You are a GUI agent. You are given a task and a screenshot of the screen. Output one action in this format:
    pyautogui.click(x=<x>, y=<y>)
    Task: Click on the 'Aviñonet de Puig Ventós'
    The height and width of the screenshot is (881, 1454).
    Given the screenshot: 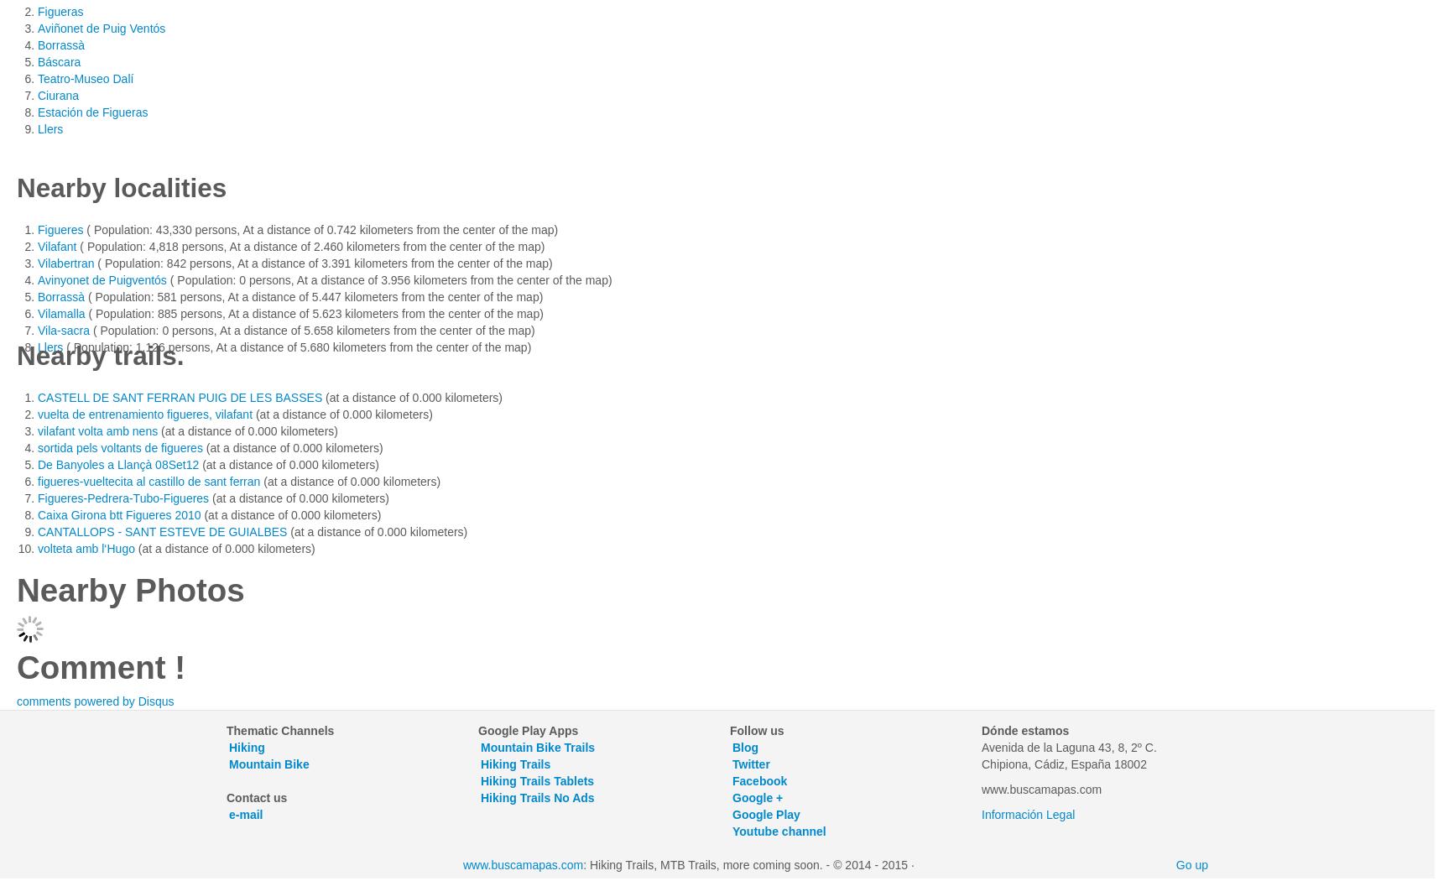 What is the action you would take?
    pyautogui.click(x=101, y=27)
    